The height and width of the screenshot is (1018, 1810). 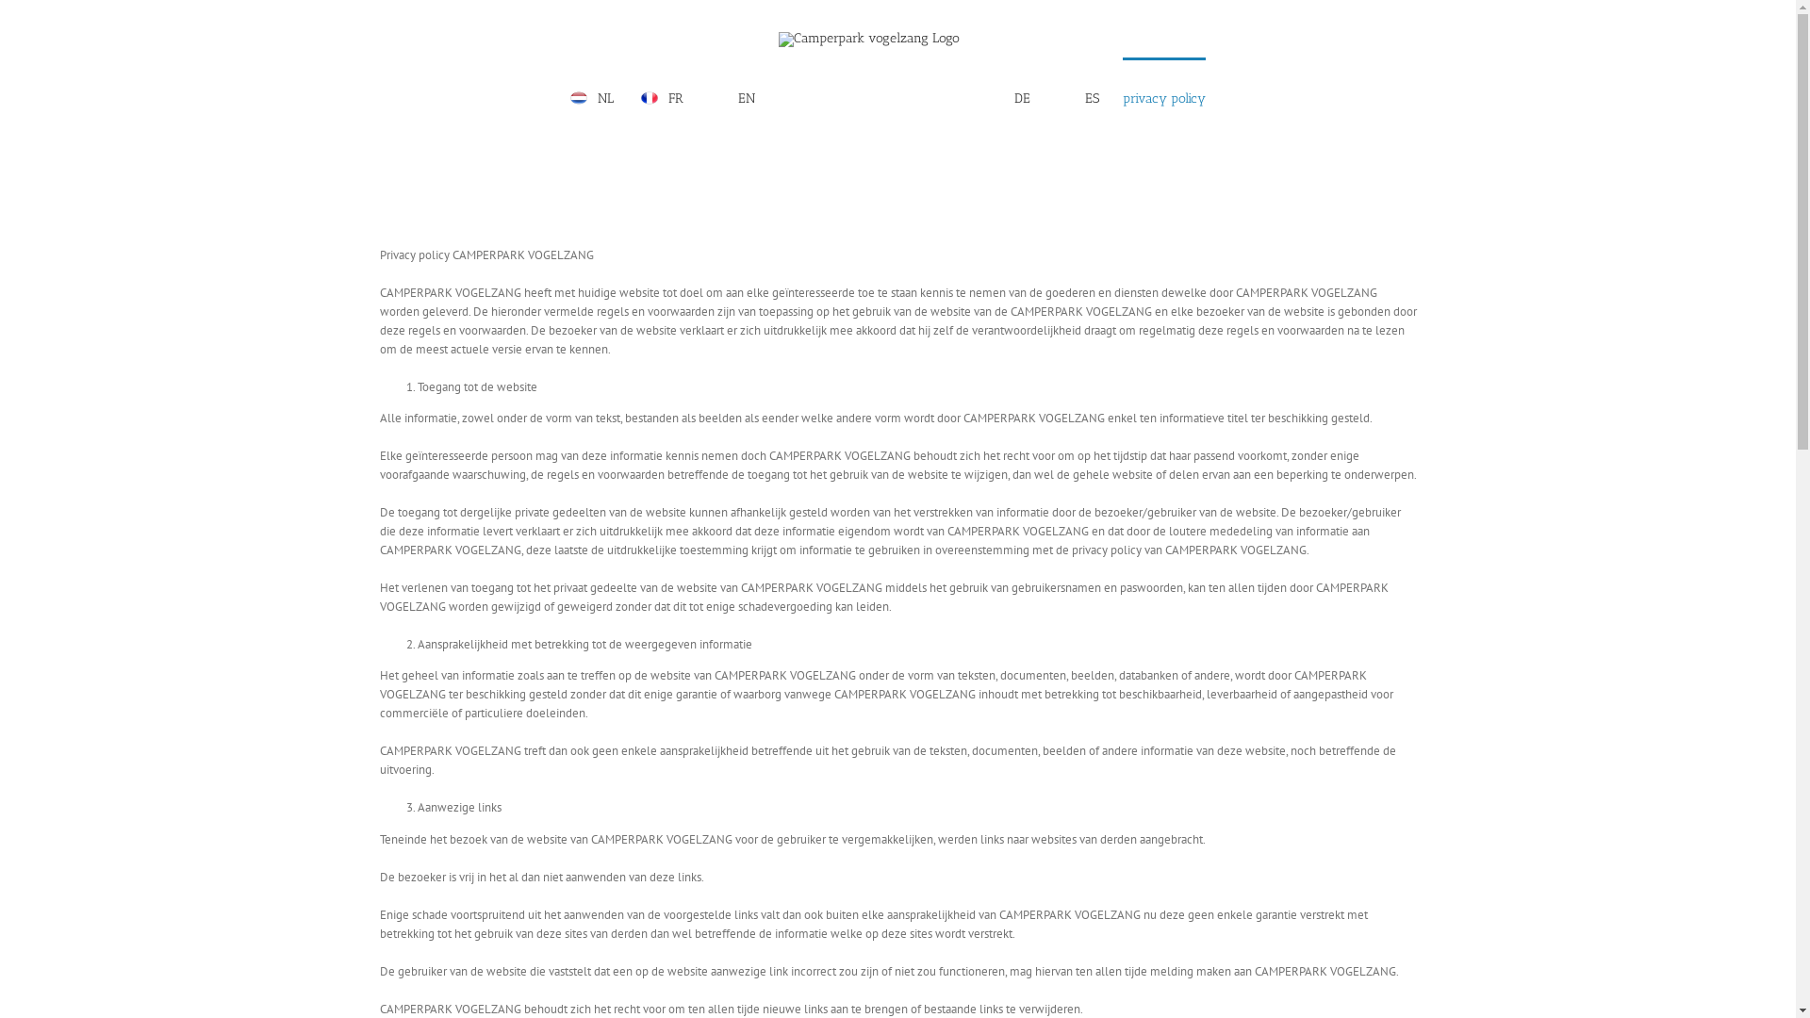 I want to click on 'privacy policy', so click(x=1122, y=97).